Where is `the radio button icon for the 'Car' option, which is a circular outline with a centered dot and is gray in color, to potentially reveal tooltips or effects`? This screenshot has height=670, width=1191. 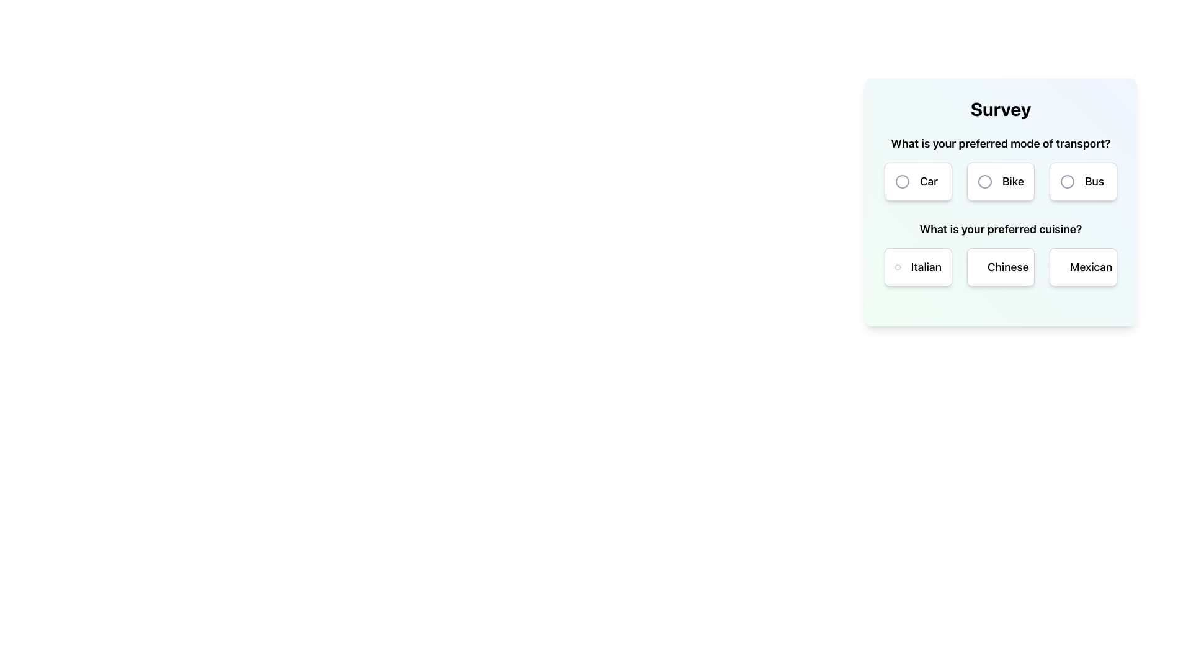 the radio button icon for the 'Car' option, which is a circular outline with a centered dot and is gray in color, to potentially reveal tooltips or effects is located at coordinates (902, 182).